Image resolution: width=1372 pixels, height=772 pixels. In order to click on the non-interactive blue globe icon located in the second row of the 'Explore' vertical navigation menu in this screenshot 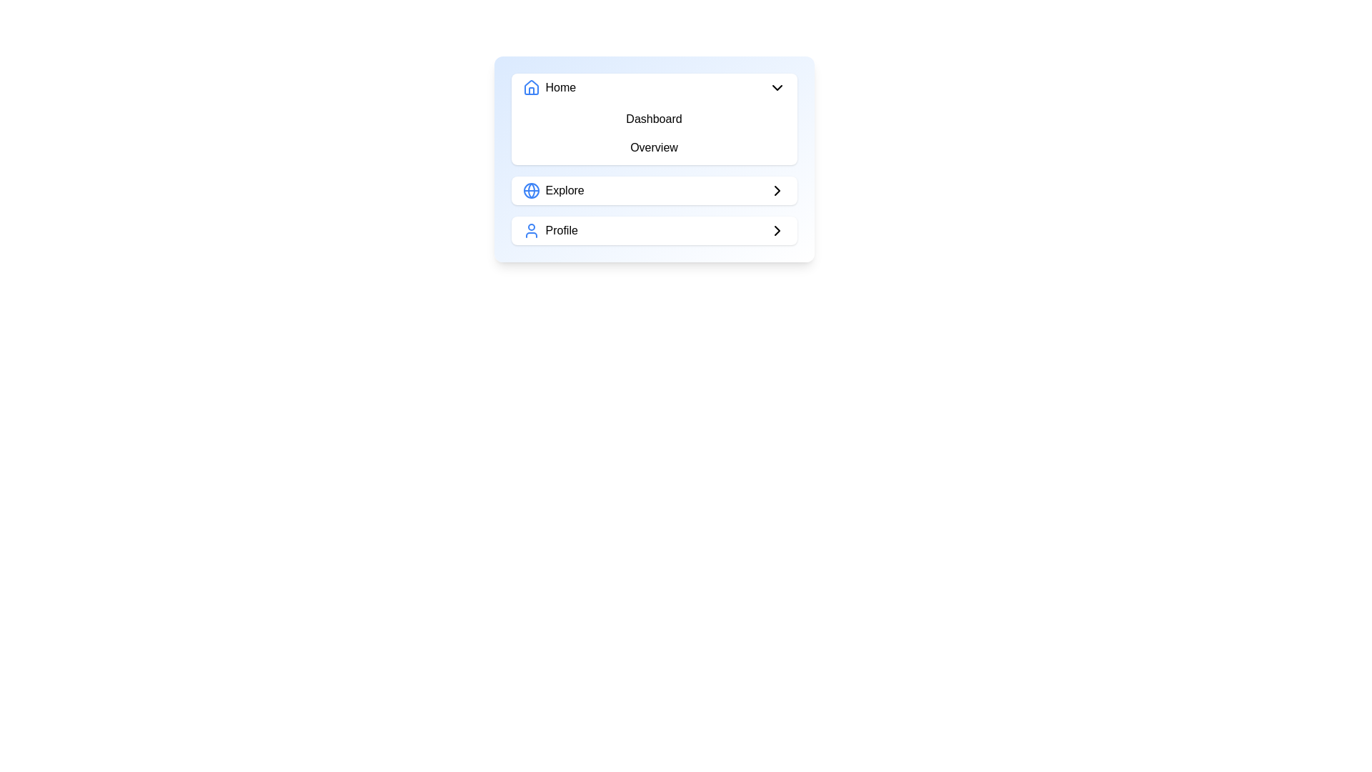, I will do `click(530, 189)`.